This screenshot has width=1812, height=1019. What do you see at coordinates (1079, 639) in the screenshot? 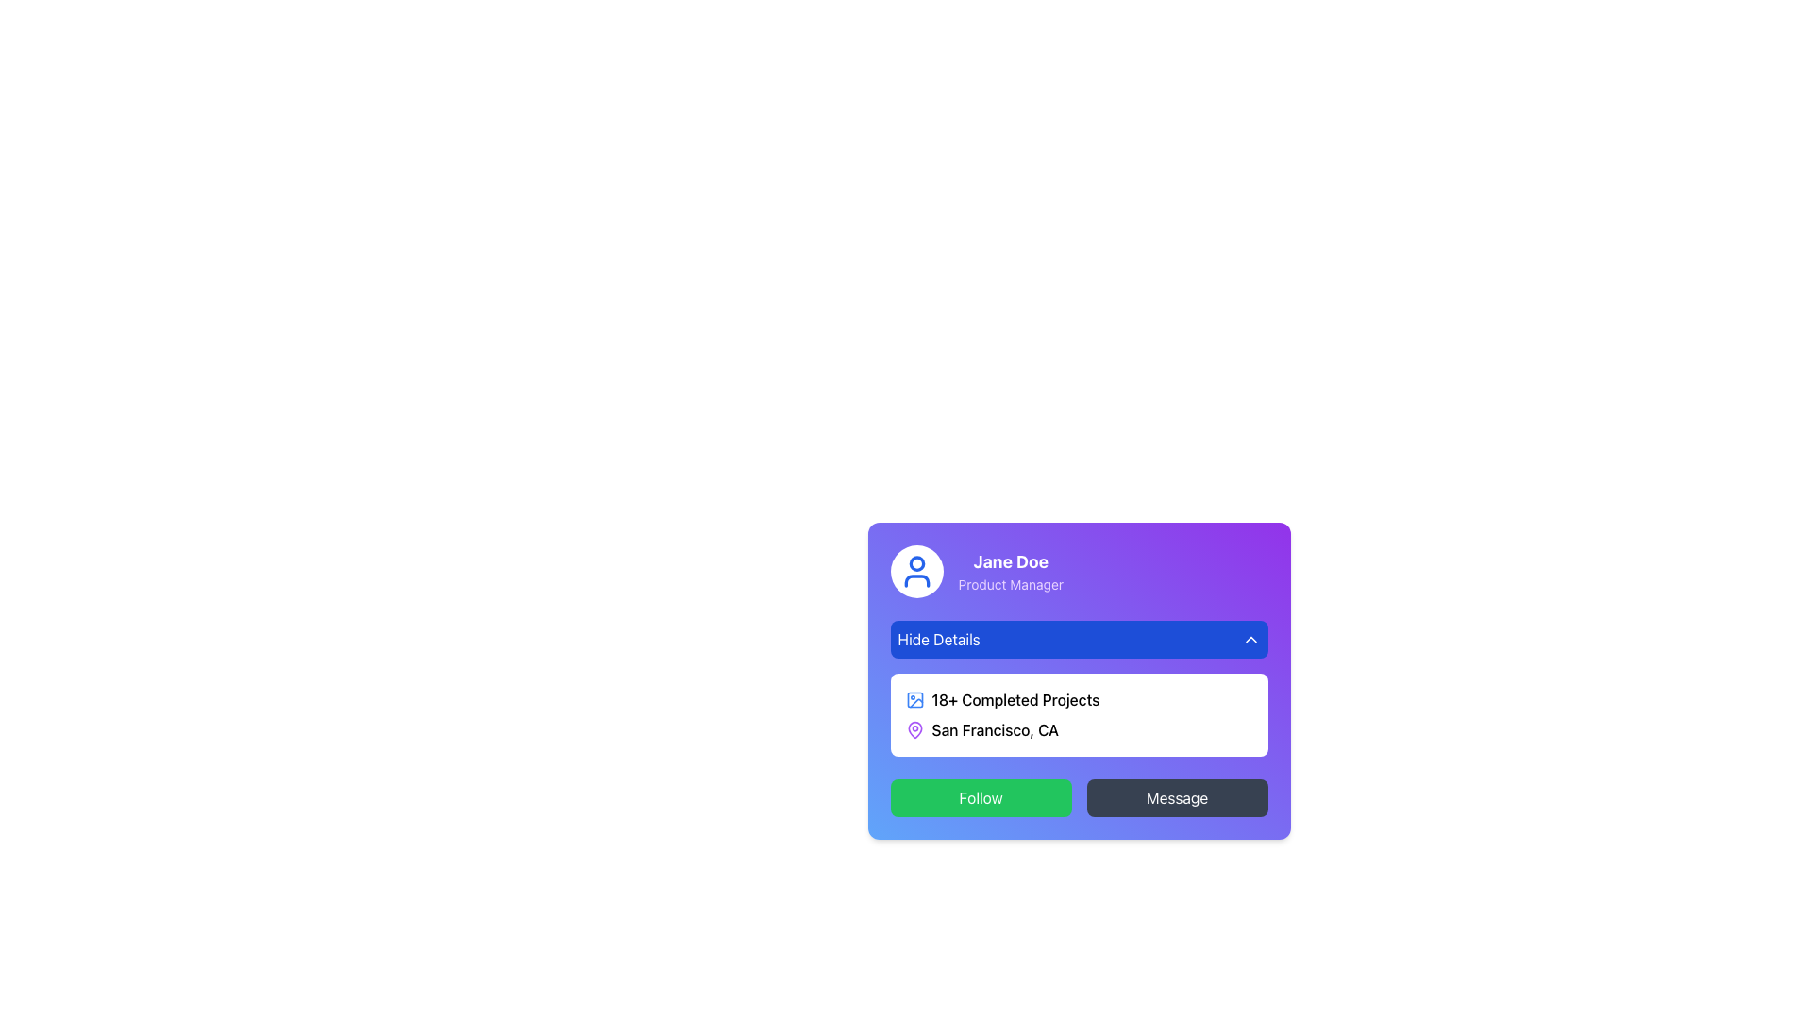
I see `the toggle button located in the user information card, which is positioned below the name and title section and above the '18+ Completed Projects' section` at bounding box center [1079, 639].